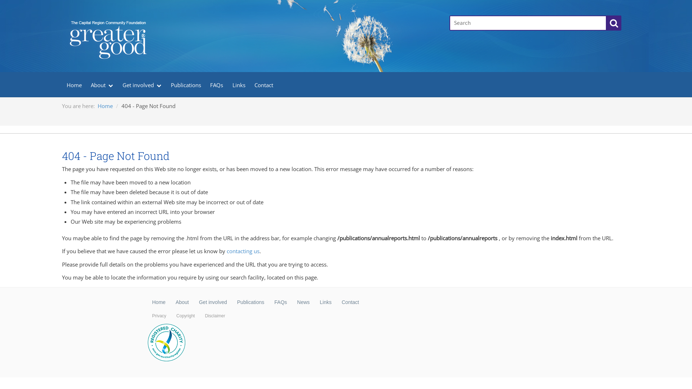 This screenshot has width=692, height=389. Describe the element at coordinates (264, 84) in the screenshot. I see `'Contact'` at that location.